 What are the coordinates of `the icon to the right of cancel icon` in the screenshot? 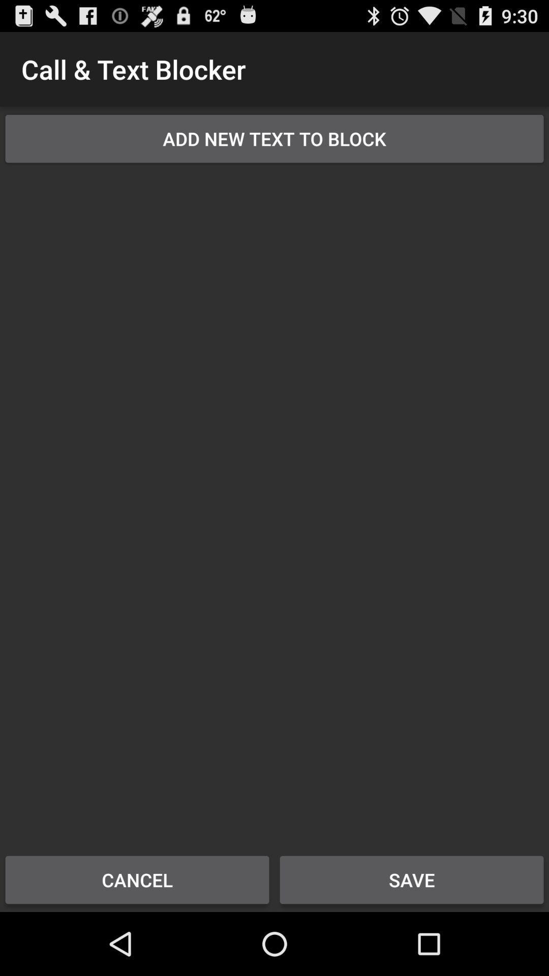 It's located at (412, 879).